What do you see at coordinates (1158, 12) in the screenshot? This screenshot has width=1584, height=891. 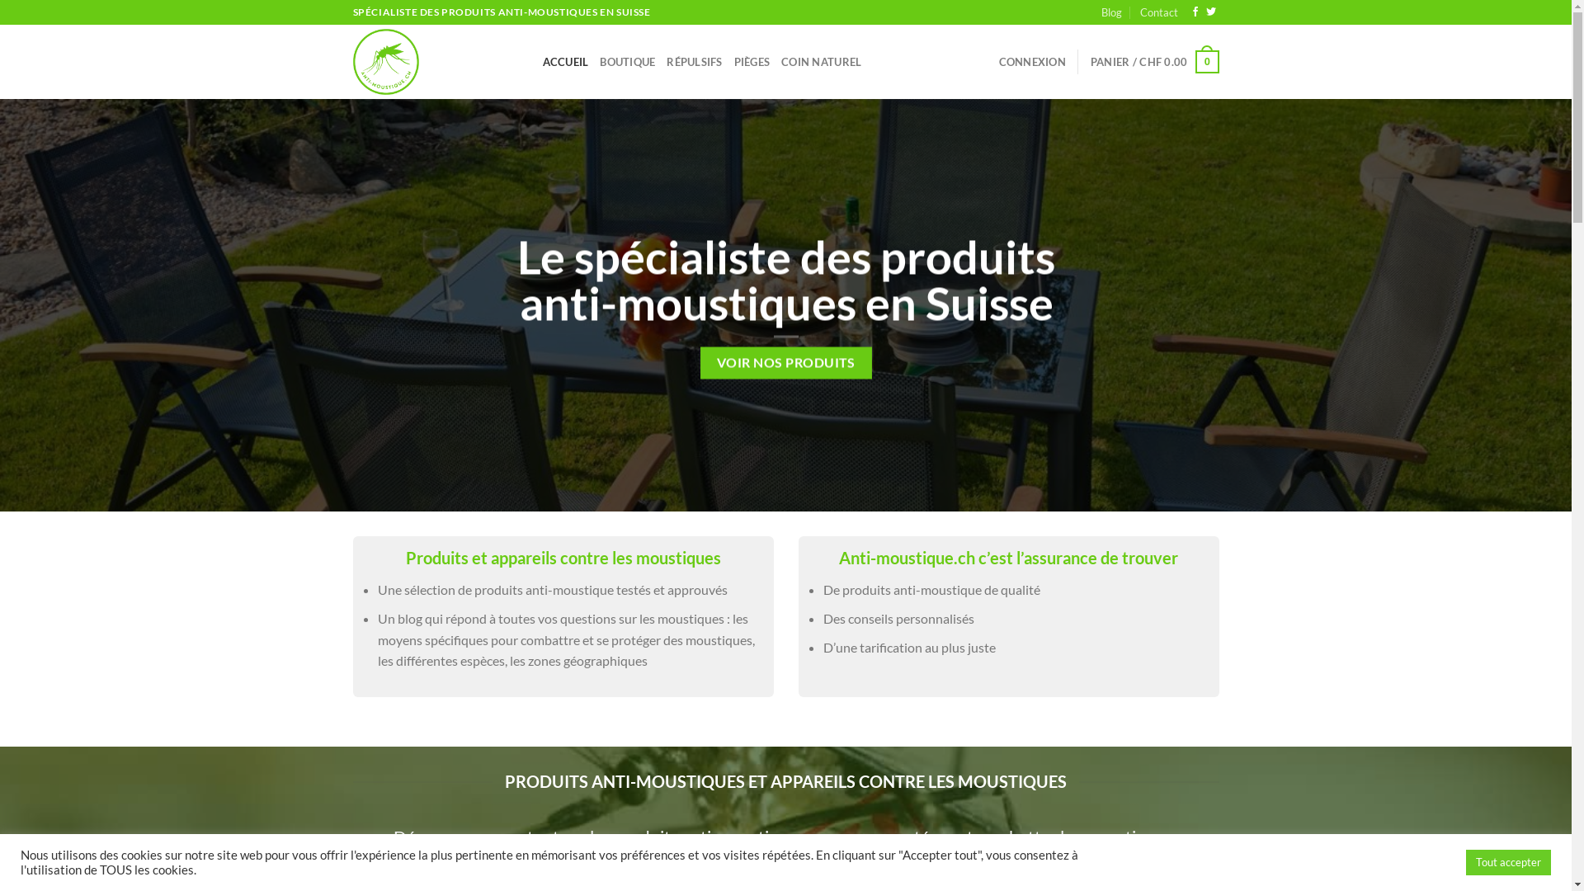 I see `'Contact'` at bounding box center [1158, 12].